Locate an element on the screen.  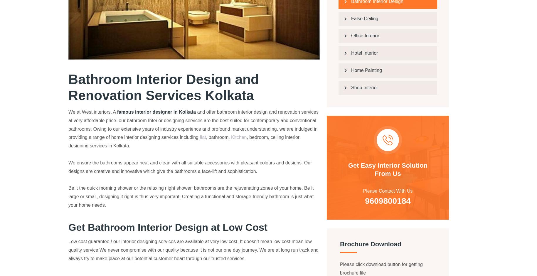
'One of the best interior in kolkata. They are really good in terms of behaviour and try to understand the client's prospective and match their requirements.' is located at coordinates (86, 47).